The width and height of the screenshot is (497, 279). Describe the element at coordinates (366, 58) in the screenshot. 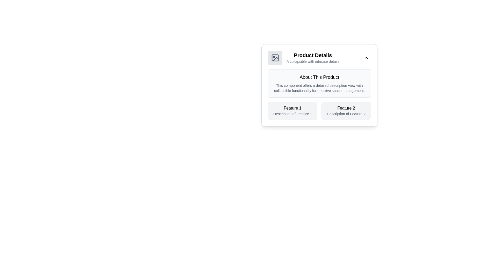

I see `the button located in the top-right corner of the 'Product Details' header section` at that location.